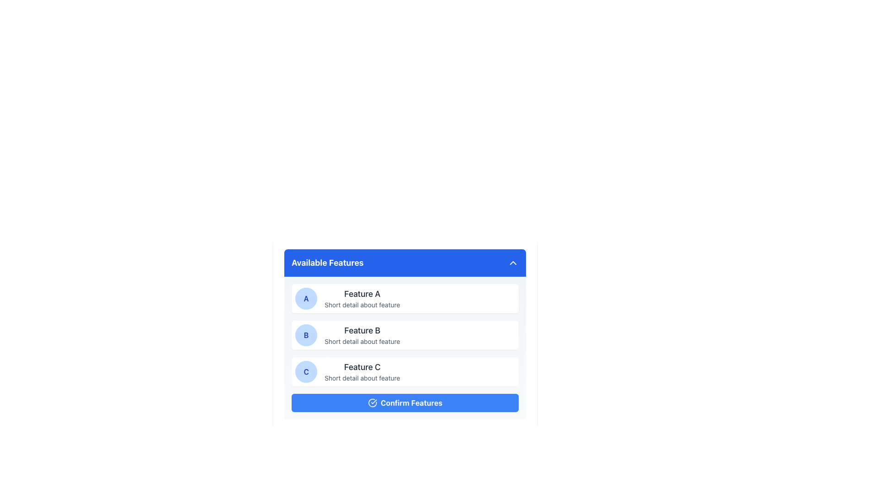 This screenshot has height=494, width=879. What do you see at coordinates (362, 378) in the screenshot?
I see `the text element providing additional information related to 'Feature C', located beneath the heading text 'Feature C' in the third feature card labeled 'C' within the 'Available Features' list` at bounding box center [362, 378].